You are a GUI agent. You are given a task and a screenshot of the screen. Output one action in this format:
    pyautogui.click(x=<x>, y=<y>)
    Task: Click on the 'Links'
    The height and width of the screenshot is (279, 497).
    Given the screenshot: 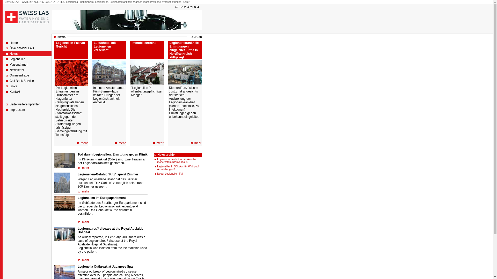 What is the action you would take?
    pyautogui.click(x=13, y=86)
    